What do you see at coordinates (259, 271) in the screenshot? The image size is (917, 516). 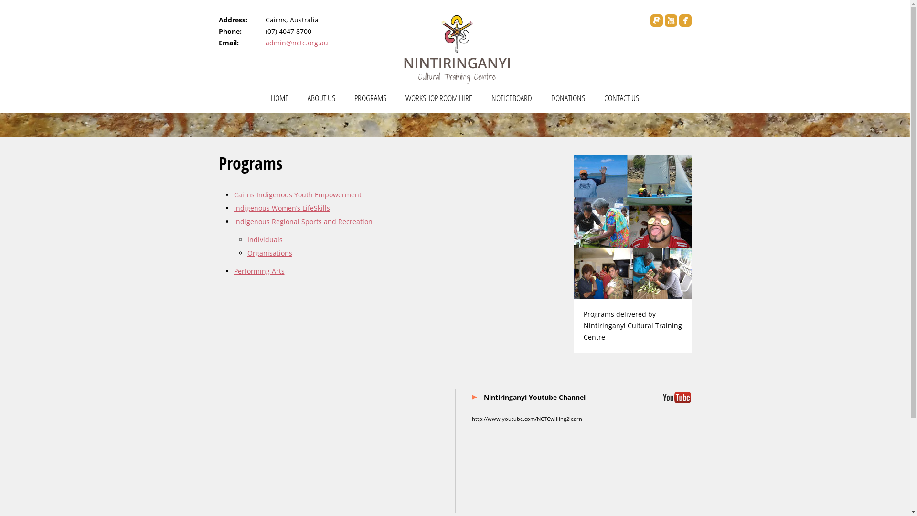 I see `'Performing Arts'` at bounding box center [259, 271].